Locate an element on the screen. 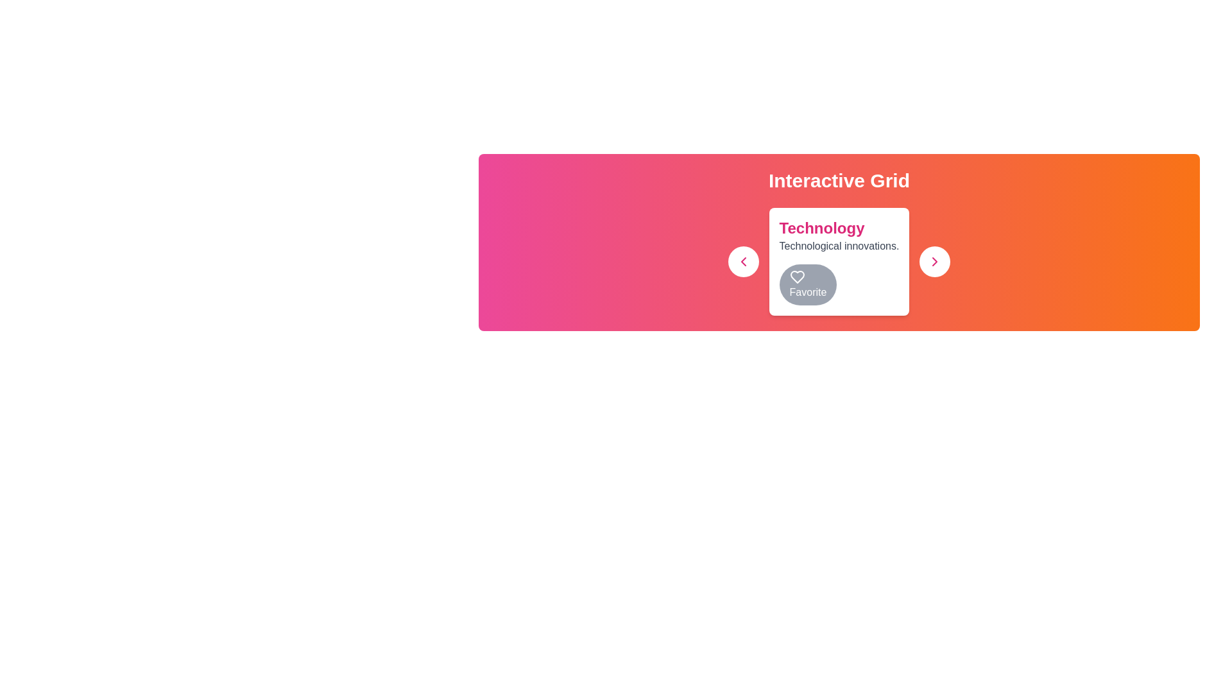 The image size is (1232, 693). the bold, pink 'Technology' text label that is the heading within the white card-like section is located at coordinates (822, 227).